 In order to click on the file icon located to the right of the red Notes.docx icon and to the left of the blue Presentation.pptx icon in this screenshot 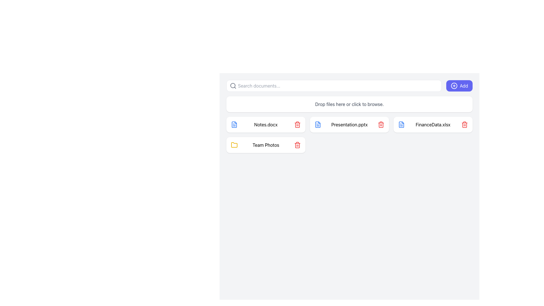, I will do `click(234, 124)`.